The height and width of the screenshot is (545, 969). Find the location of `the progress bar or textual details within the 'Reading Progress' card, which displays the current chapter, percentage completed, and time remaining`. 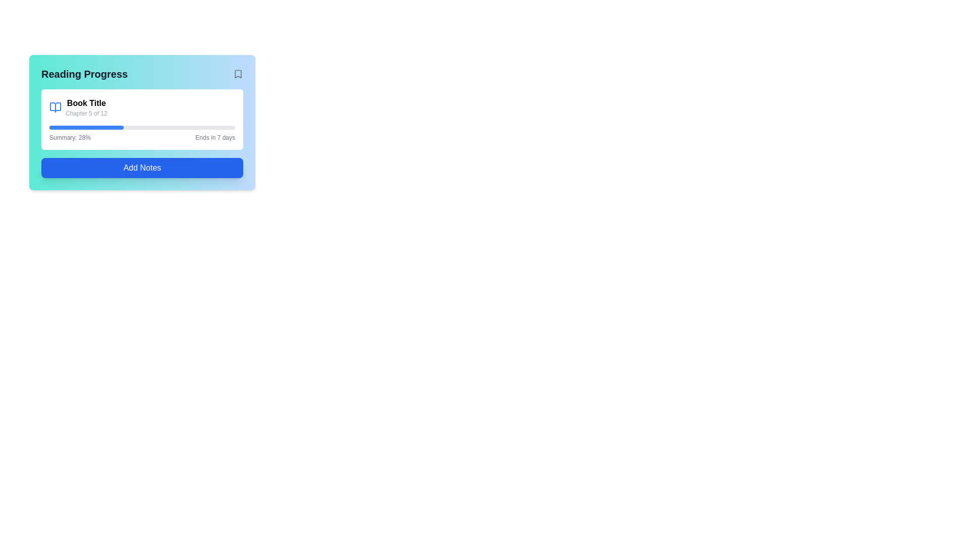

the progress bar or textual details within the 'Reading Progress' card, which displays the current chapter, percentage completed, and time remaining is located at coordinates (142, 119).